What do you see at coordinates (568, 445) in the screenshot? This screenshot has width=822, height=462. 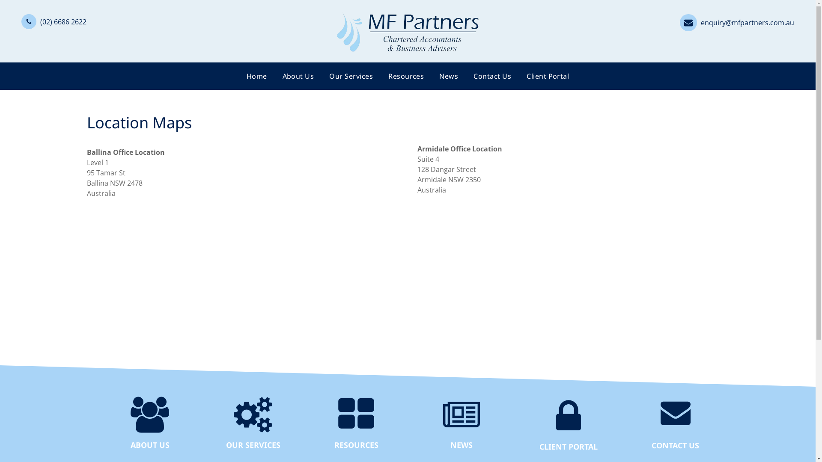 I see `'CLIENT PORTAL'` at bounding box center [568, 445].